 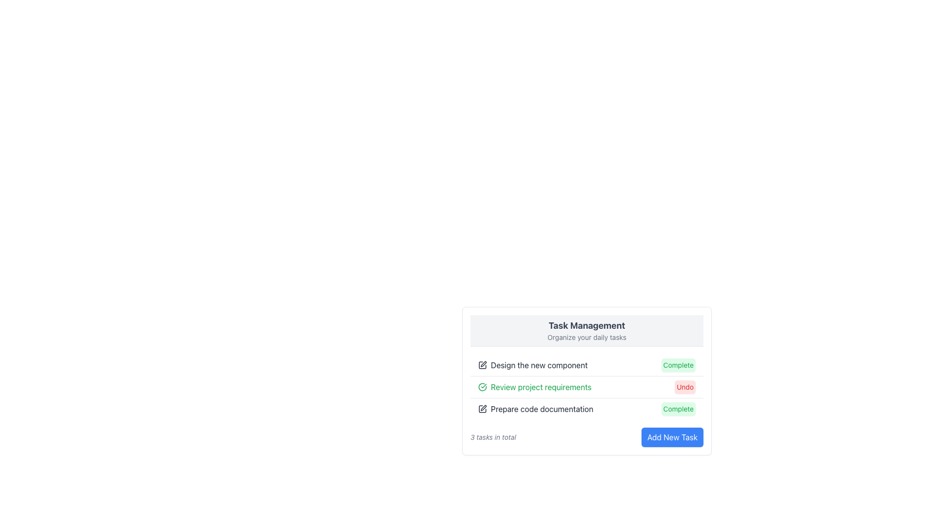 What do you see at coordinates (684, 386) in the screenshot?
I see `the 'Undo' button, which is a red rectangular button with rounded corners` at bounding box center [684, 386].